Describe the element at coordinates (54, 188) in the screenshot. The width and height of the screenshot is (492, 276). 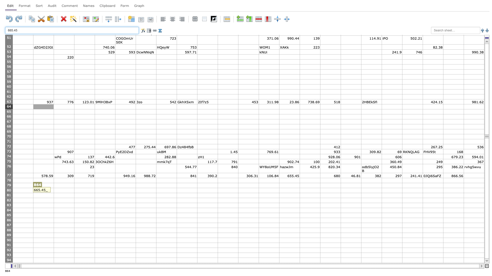
I see `Top left corner of cell C-80` at that location.